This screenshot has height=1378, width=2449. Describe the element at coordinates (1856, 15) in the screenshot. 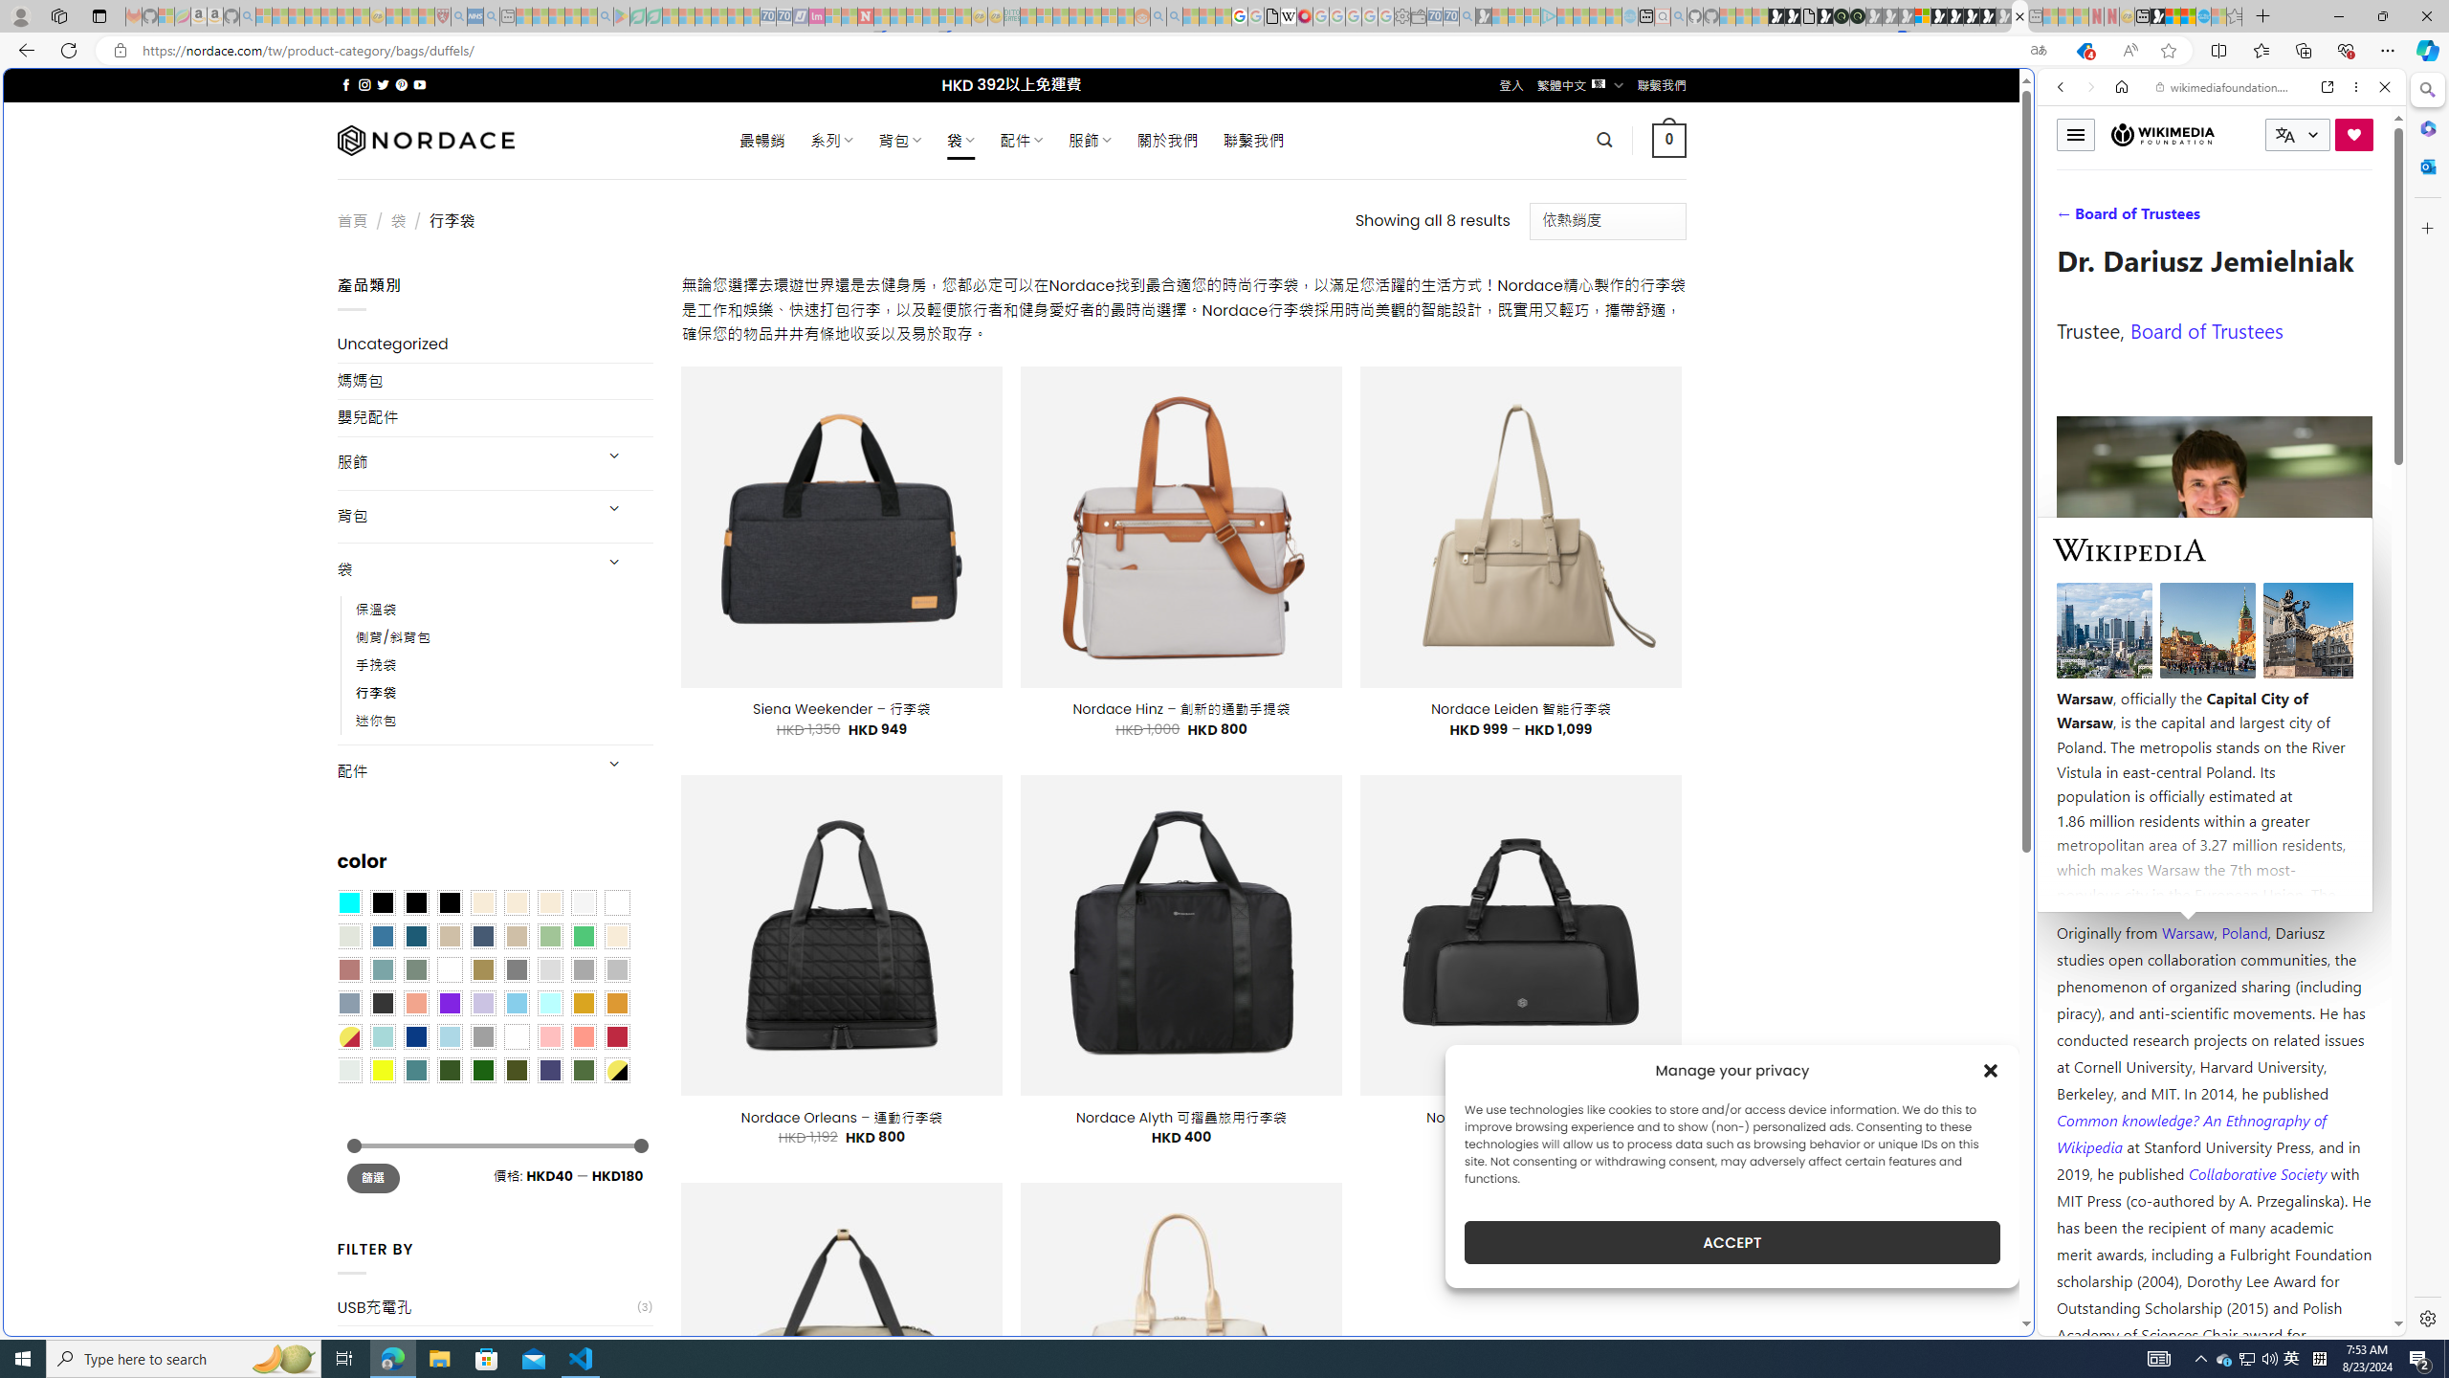

I see `'Future Focus Report 2024'` at that location.